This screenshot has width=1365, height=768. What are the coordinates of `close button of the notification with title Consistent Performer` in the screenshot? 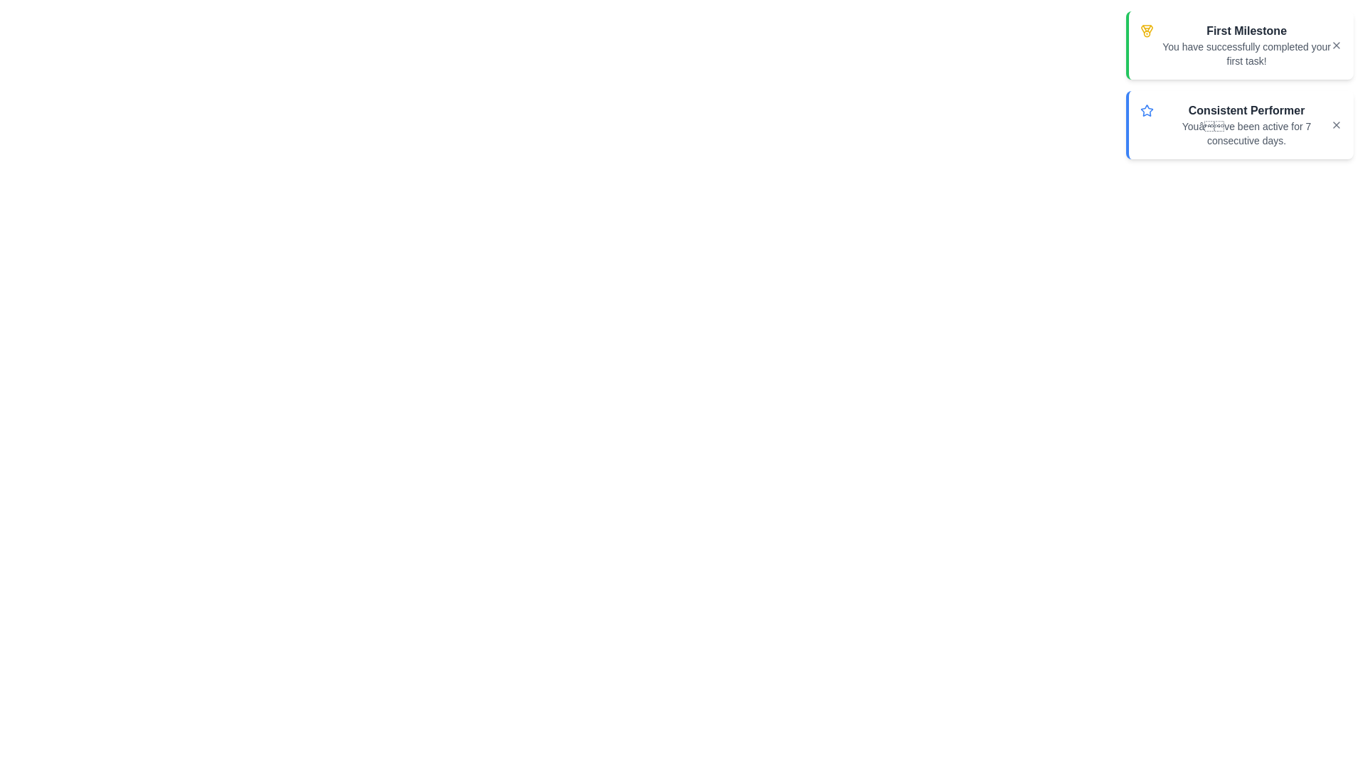 It's located at (1336, 124).